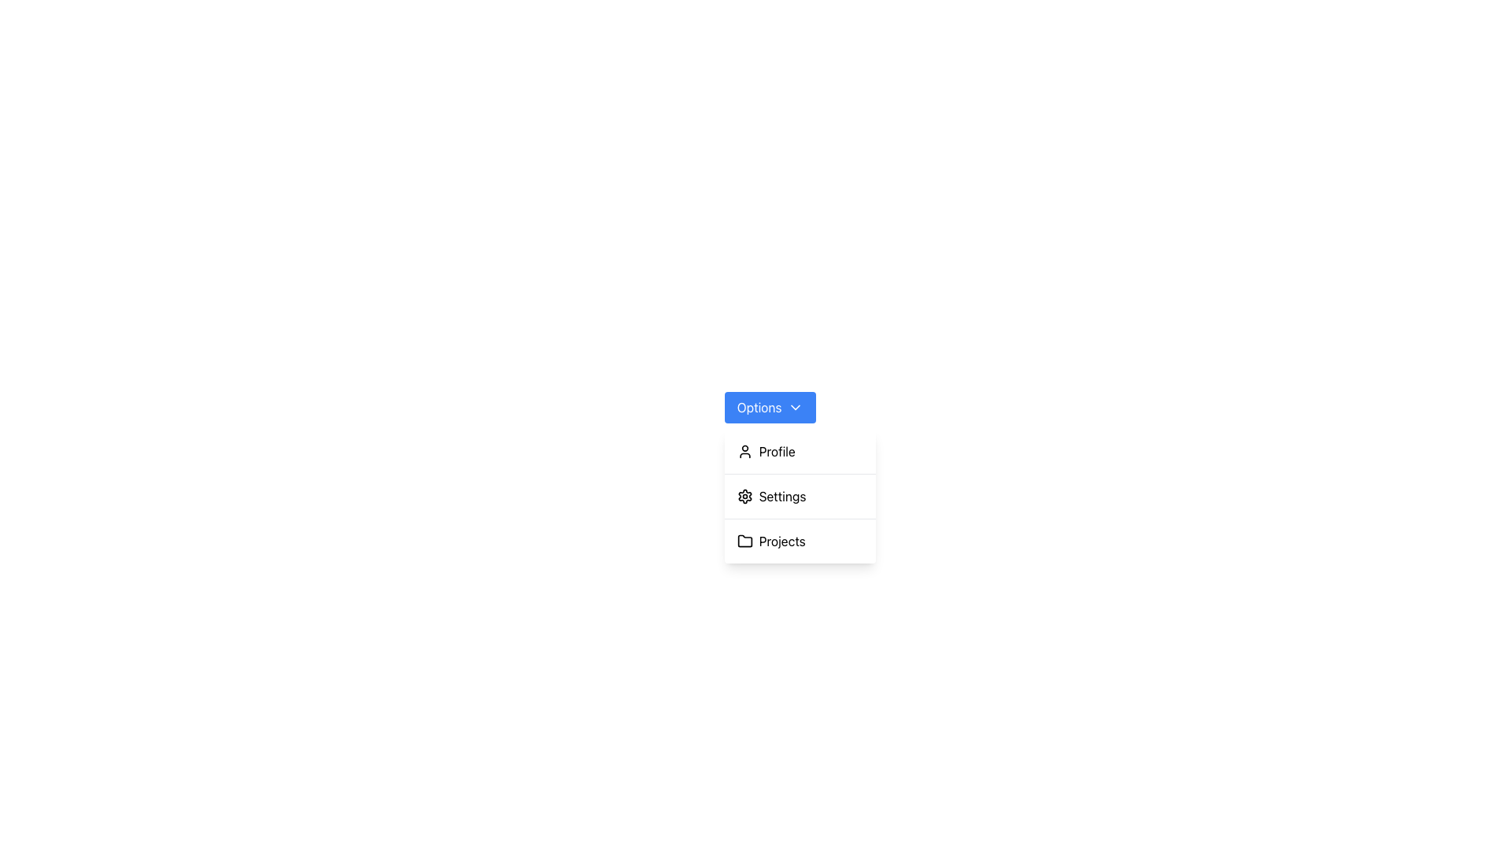 This screenshot has height=850, width=1511. I want to click on the 'Settings' menu item, which features a gear icon and is styled with a clean, minimalist design, positioned in the Navigation menu between 'Profile' and 'Projects', so click(800, 497).